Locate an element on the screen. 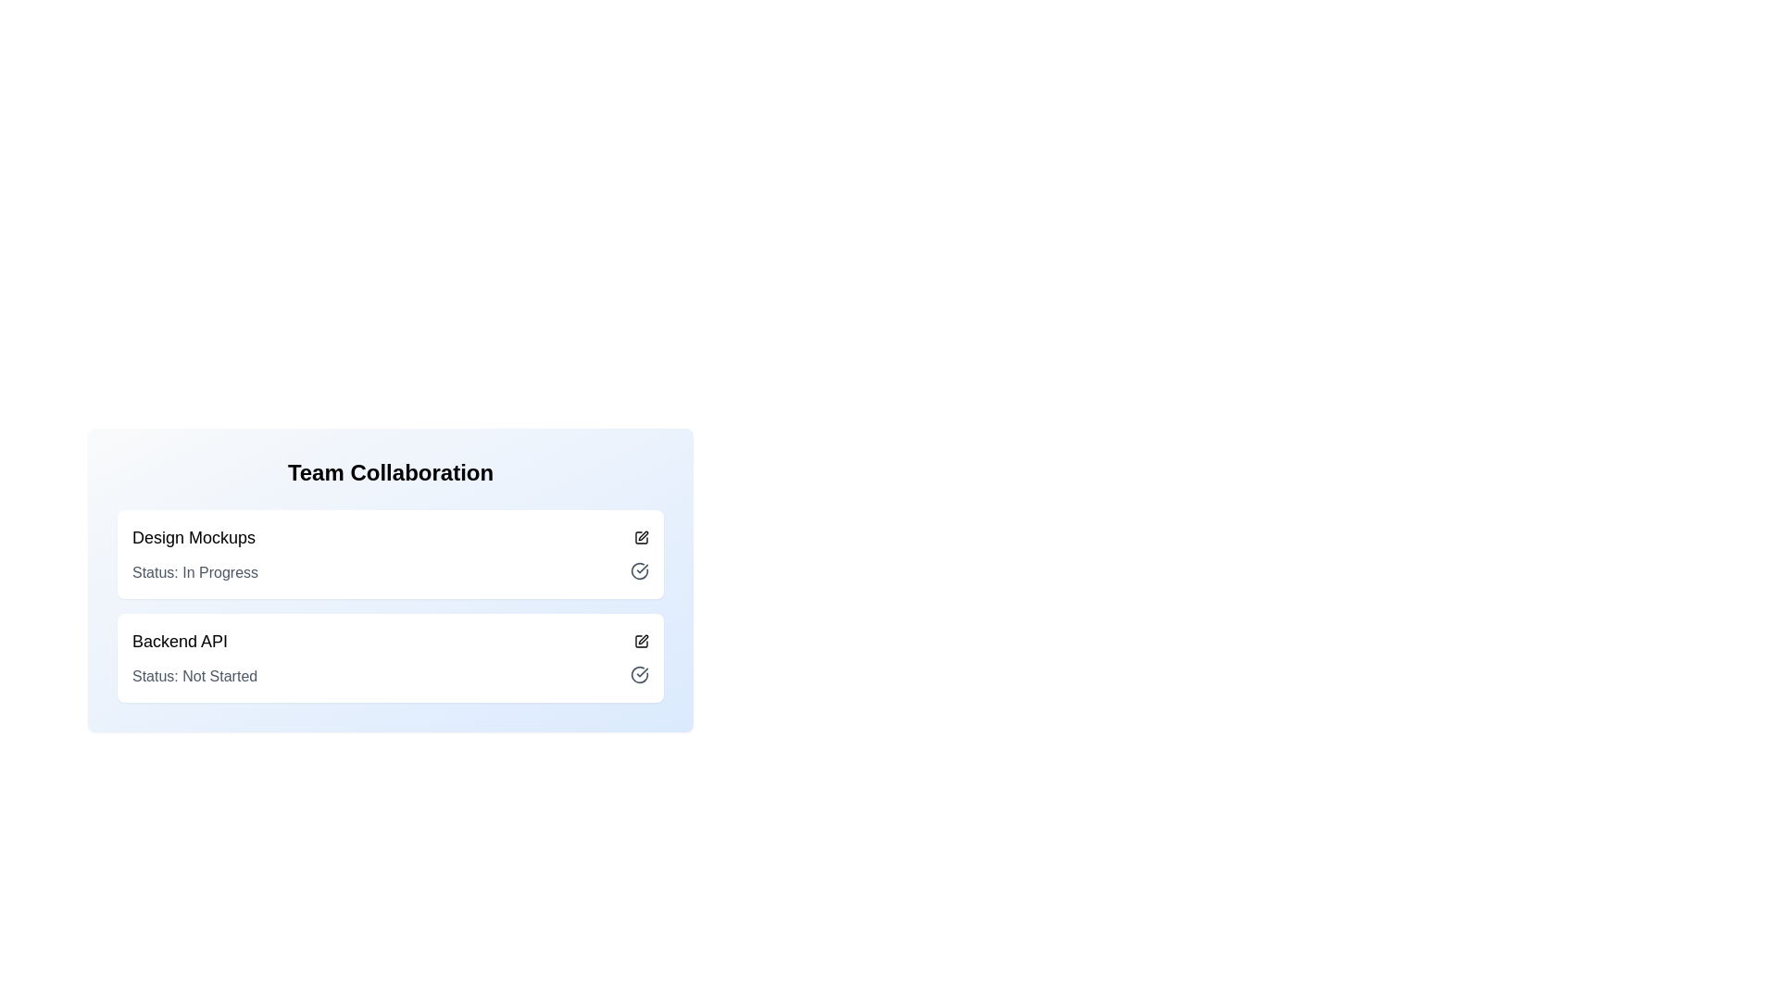 This screenshot has height=1000, width=1778. the 'Status: In Progress' label located in the task management interface, positioned under the 'Design Mockups' title and to the left of the checkmark icon is located at coordinates (195, 571).